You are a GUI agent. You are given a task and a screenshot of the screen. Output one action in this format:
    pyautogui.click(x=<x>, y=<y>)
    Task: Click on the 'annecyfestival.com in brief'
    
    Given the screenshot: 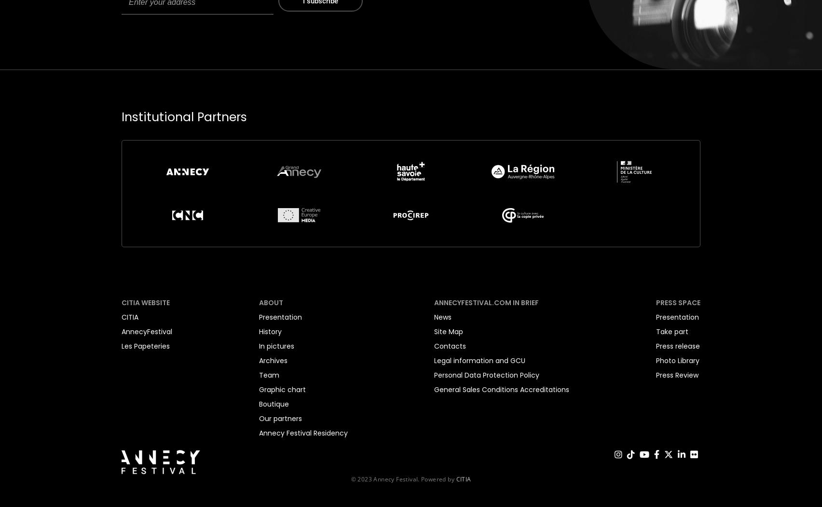 What is the action you would take?
    pyautogui.click(x=434, y=302)
    